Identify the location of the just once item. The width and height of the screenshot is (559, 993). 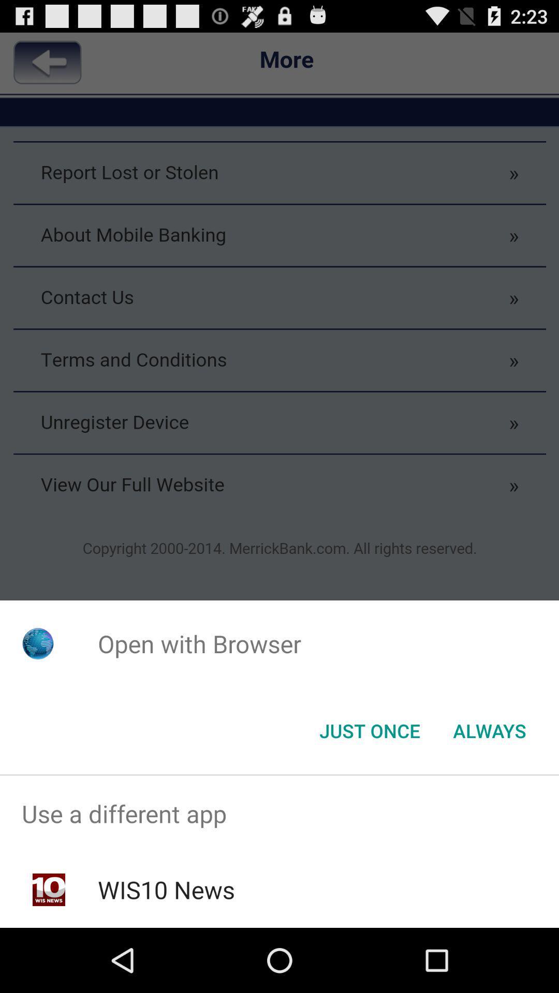
(369, 730).